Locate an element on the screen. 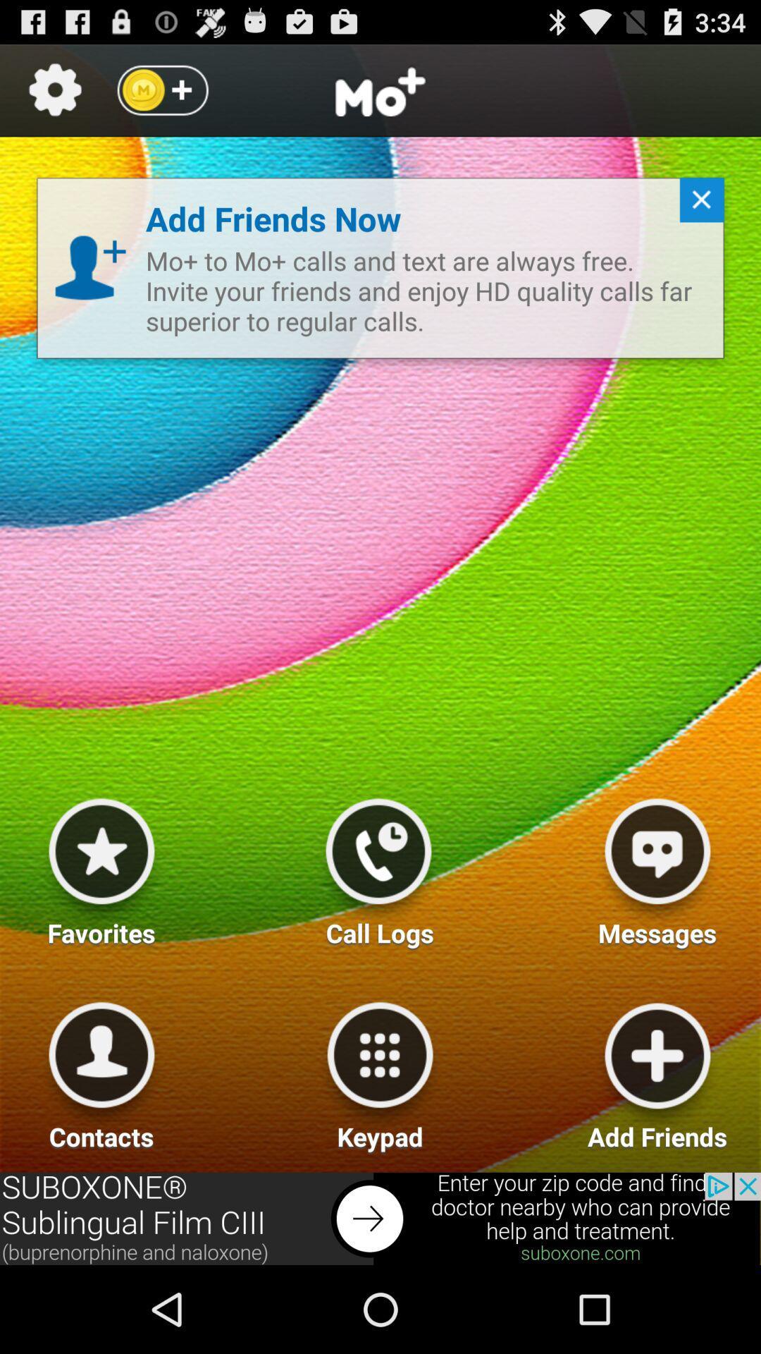  call logs option is located at coordinates (378, 866).